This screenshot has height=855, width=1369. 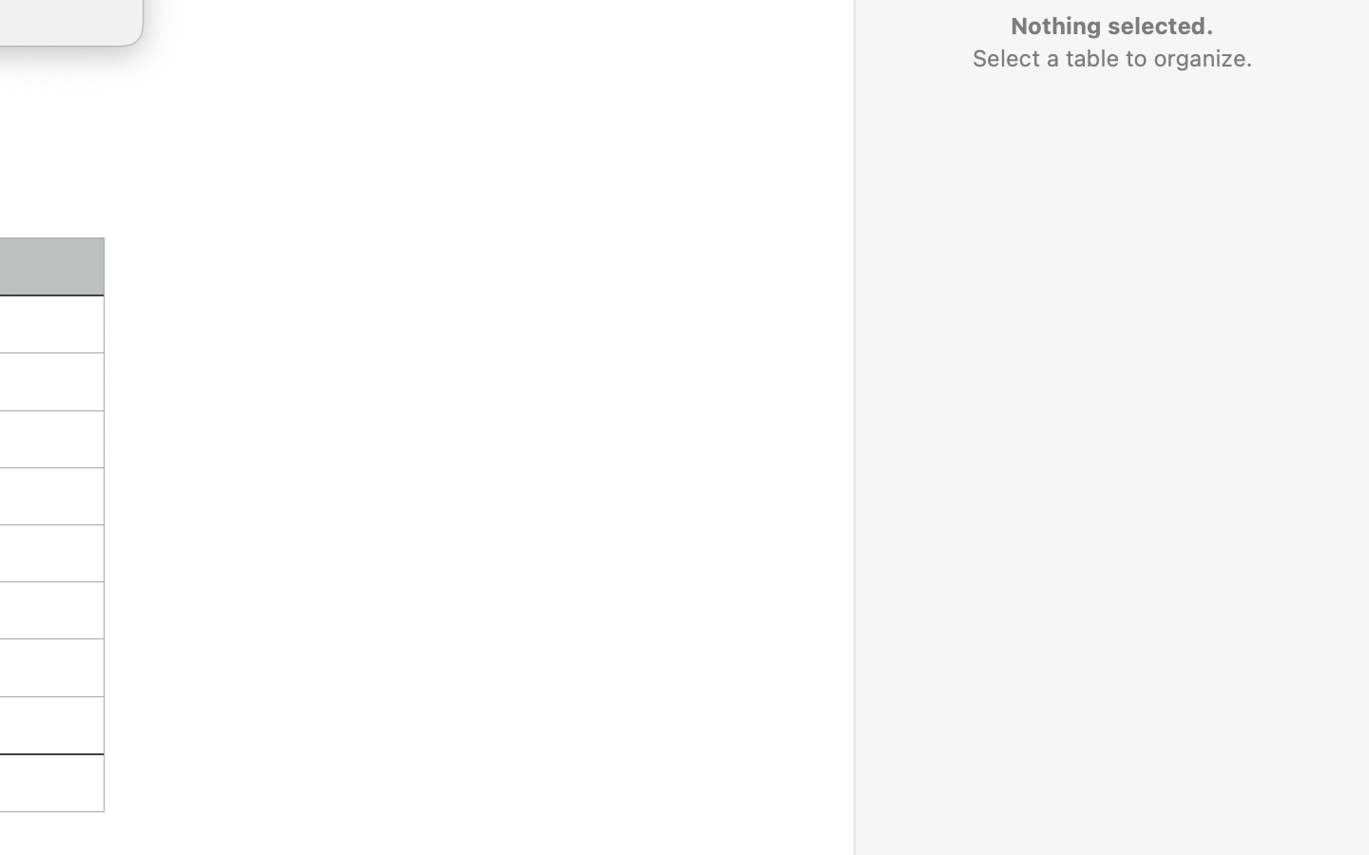 What do you see at coordinates (1110, 25) in the screenshot?
I see `'Nothing selected.'` at bounding box center [1110, 25].